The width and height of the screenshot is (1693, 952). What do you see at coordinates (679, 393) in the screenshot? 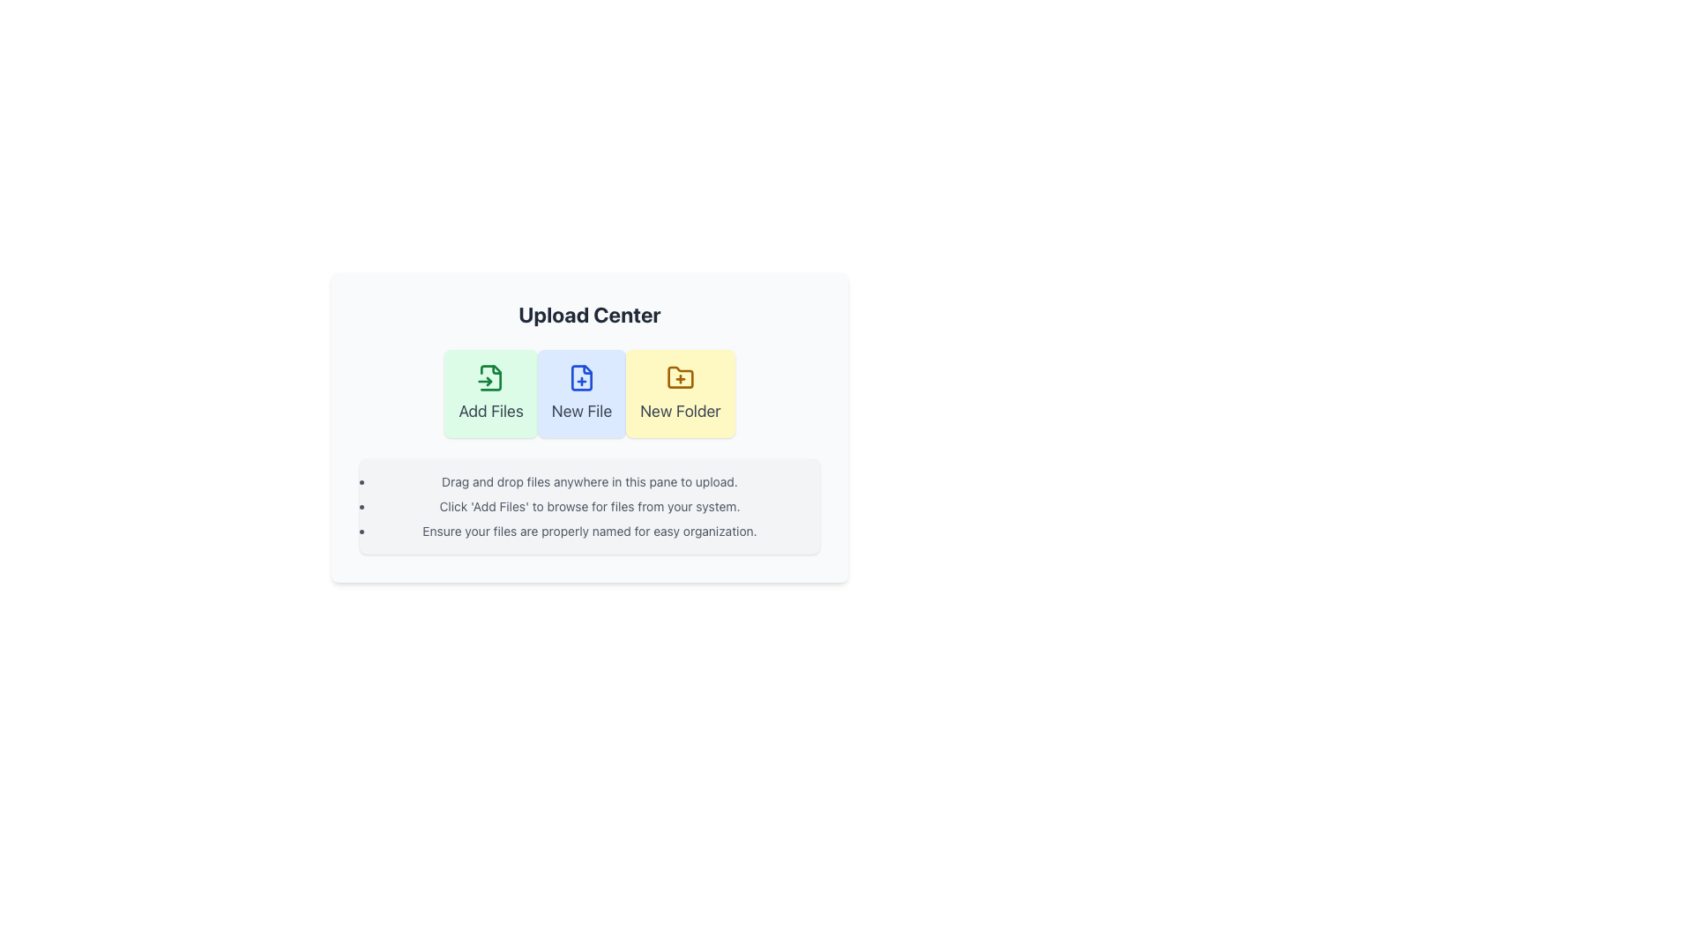
I see `the rectangular button with a light yellow background and a folder icon with a plus sign, labeled 'New Folder'` at bounding box center [679, 393].